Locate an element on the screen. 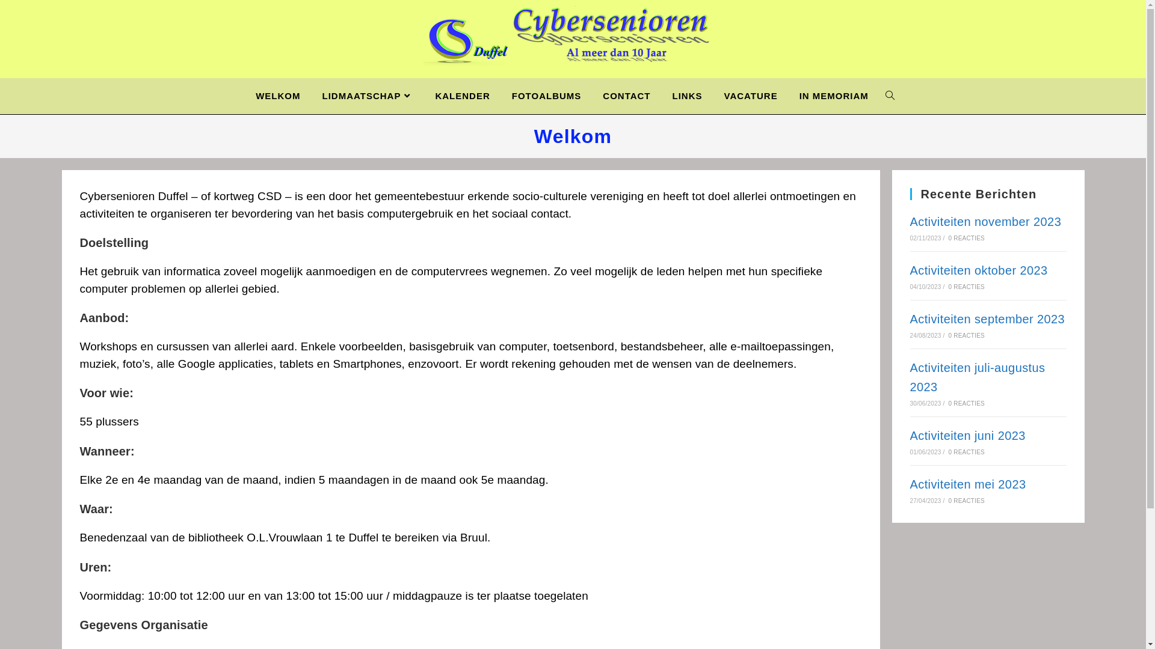 This screenshot has width=1155, height=649. '0 REACTIES' is located at coordinates (948, 287).